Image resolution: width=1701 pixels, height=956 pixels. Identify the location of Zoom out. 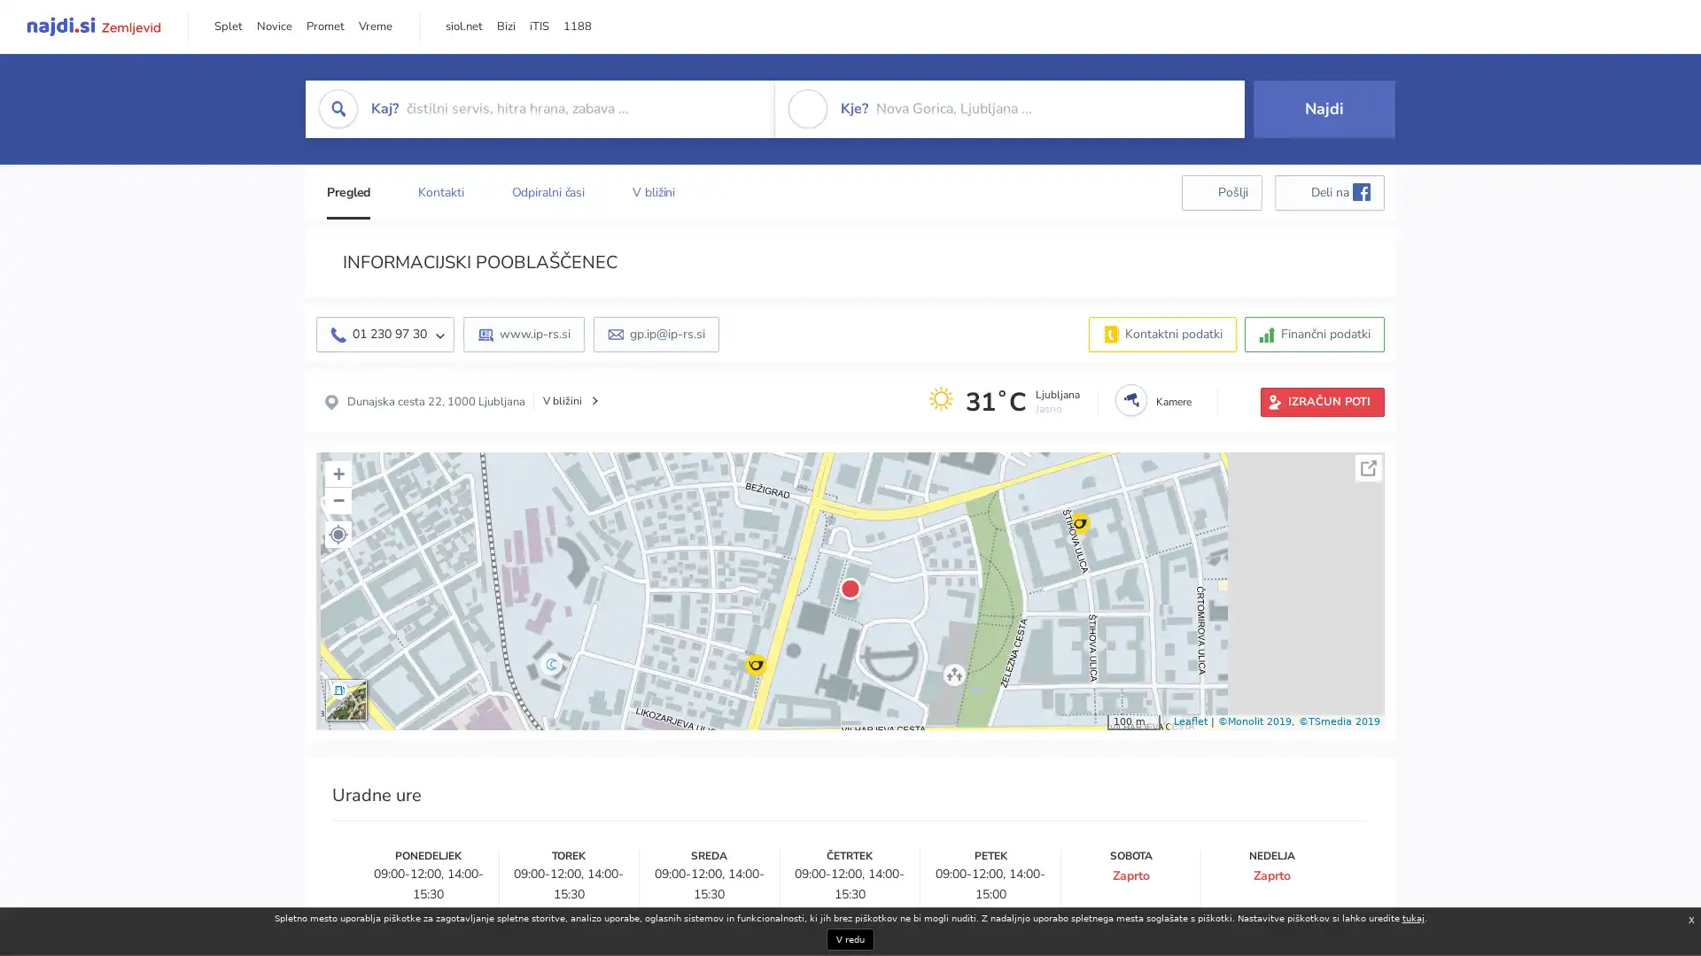
(338, 499).